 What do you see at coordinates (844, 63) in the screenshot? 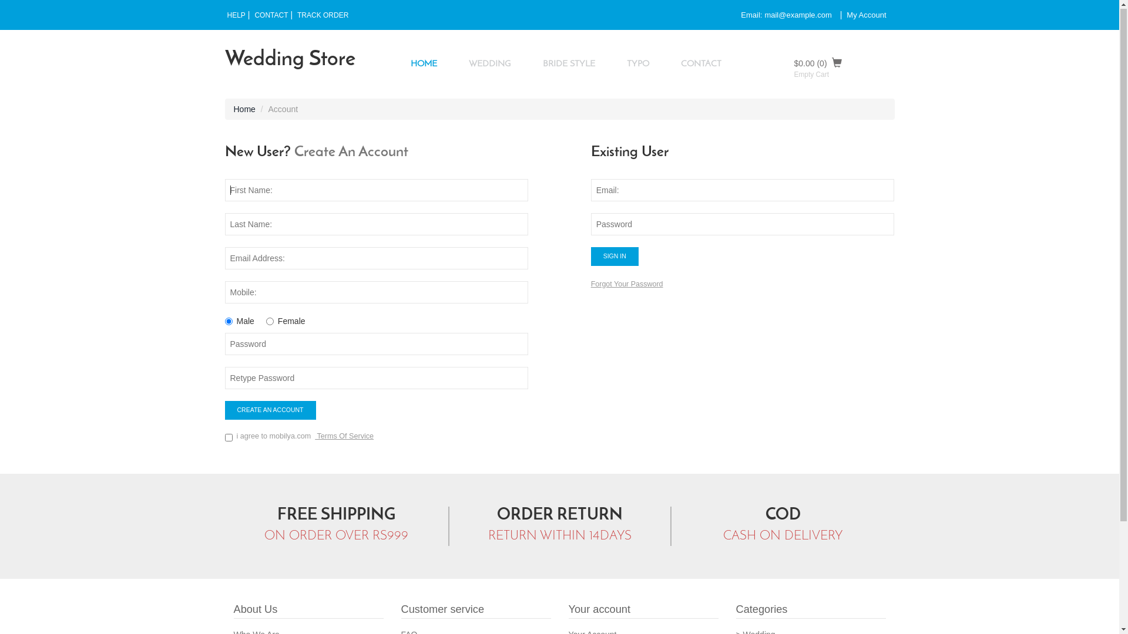
I see `'$0.00 (0)'` at bounding box center [844, 63].